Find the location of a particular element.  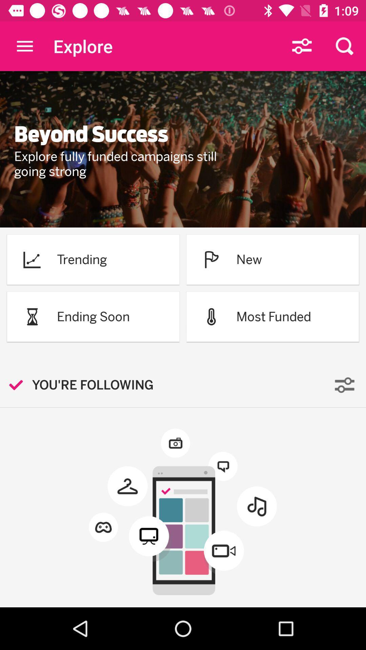

icon to the left of the trending icon is located at coordinates (32, 259).